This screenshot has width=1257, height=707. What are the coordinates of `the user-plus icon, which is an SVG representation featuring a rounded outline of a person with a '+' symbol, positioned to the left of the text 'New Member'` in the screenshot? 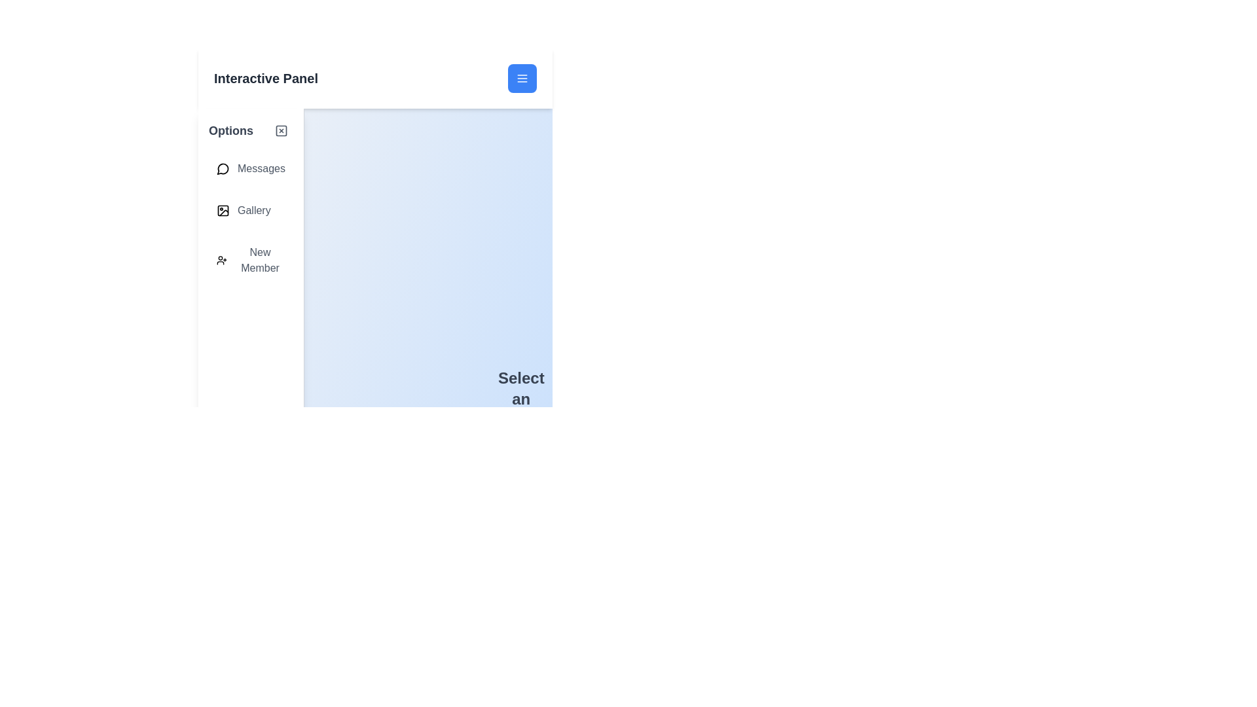 It's located at (222, 260).